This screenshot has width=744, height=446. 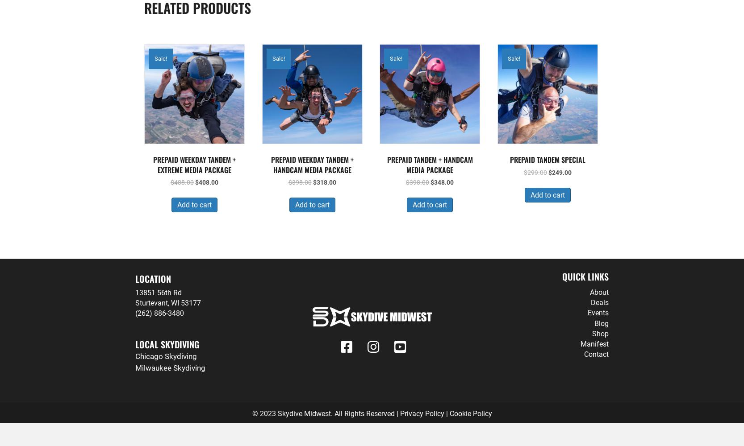 What do you see at coordinates (326, 182) in the screenshot?
I see `'318.00'` at bounding box center [326, 182].